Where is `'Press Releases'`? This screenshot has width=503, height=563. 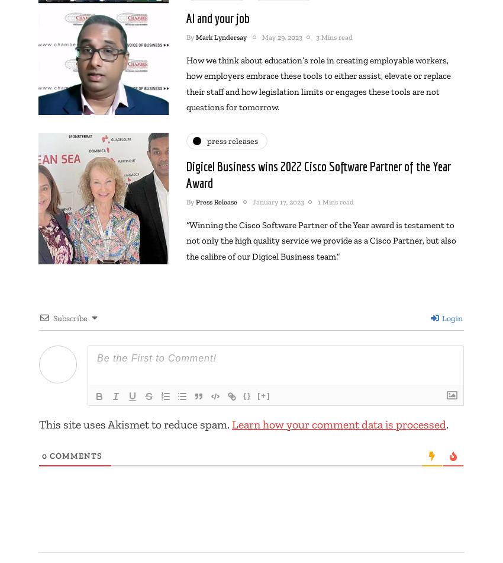
'Press Releases' is located at coordinates (207, 140).